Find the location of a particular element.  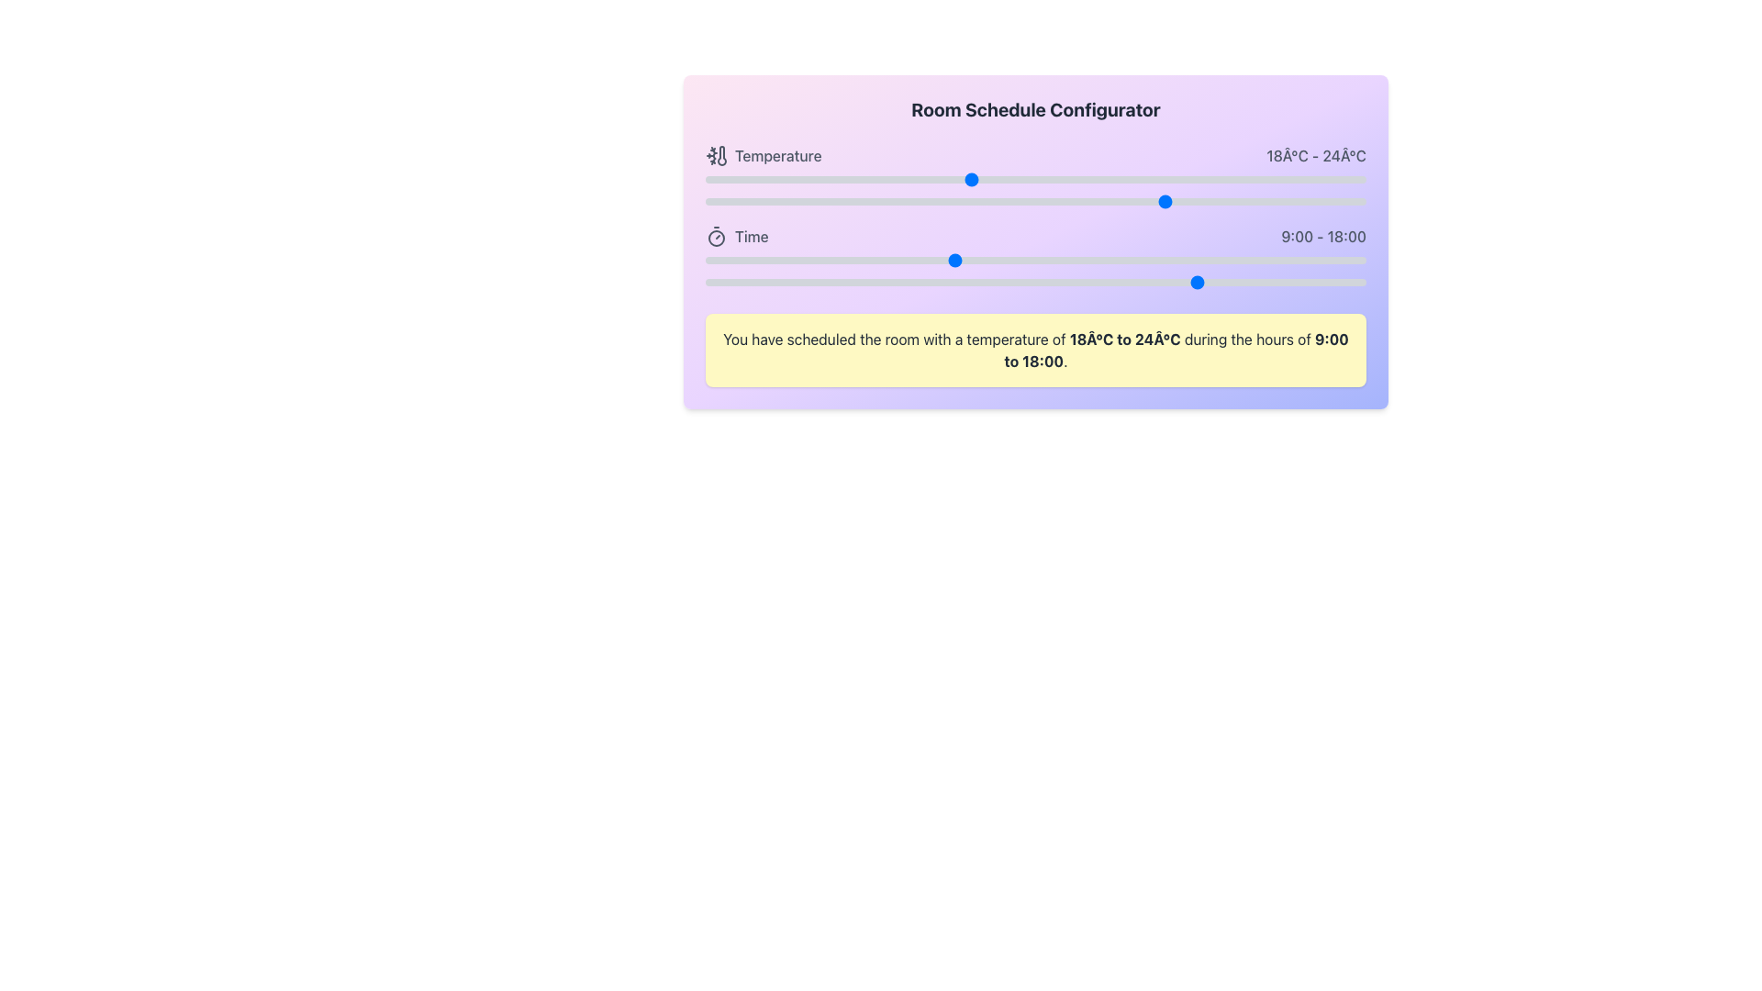

the circular body of the timer icon located to the left of the 'Time' label within the configuration interface is located at coordinates (716, 237).